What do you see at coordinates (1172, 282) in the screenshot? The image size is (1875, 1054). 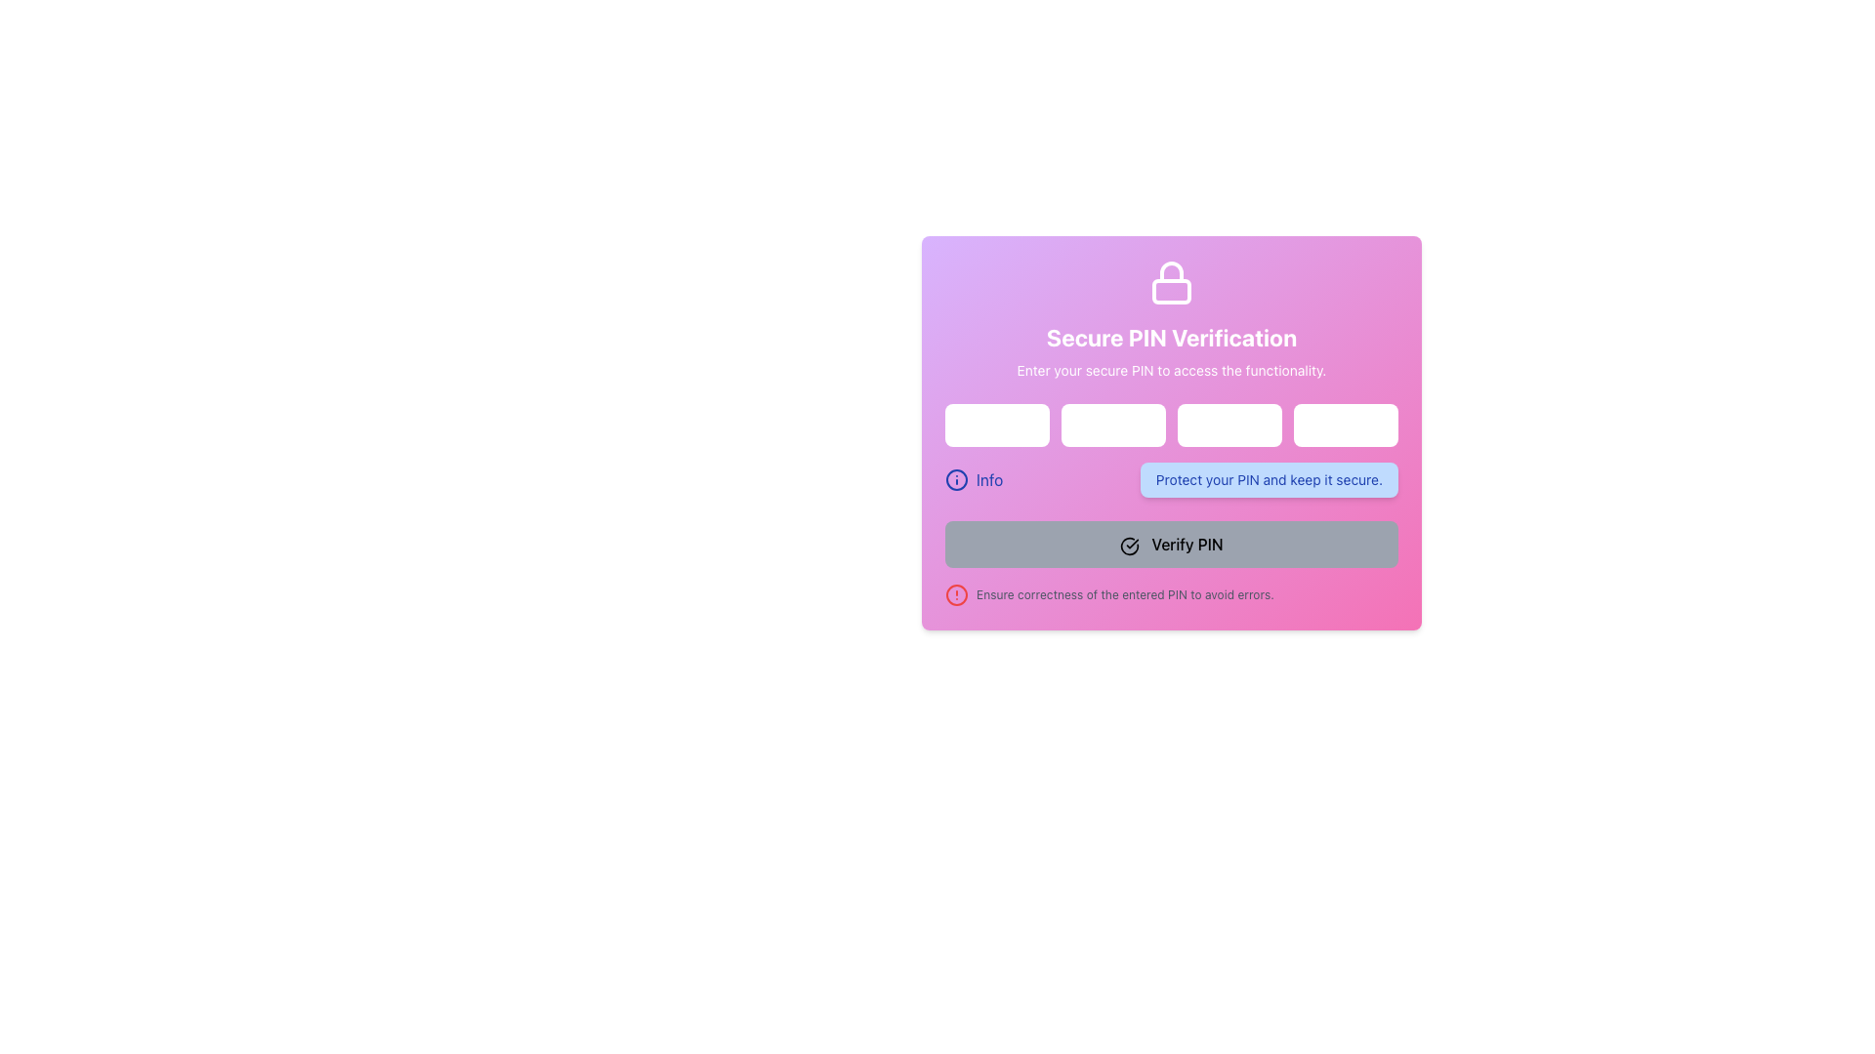 I see `the lock icon, which is styled in white and positioned above the 'Secure PIN Verification' text at the top-center of the card layout` at bounding box center [1172, 282].